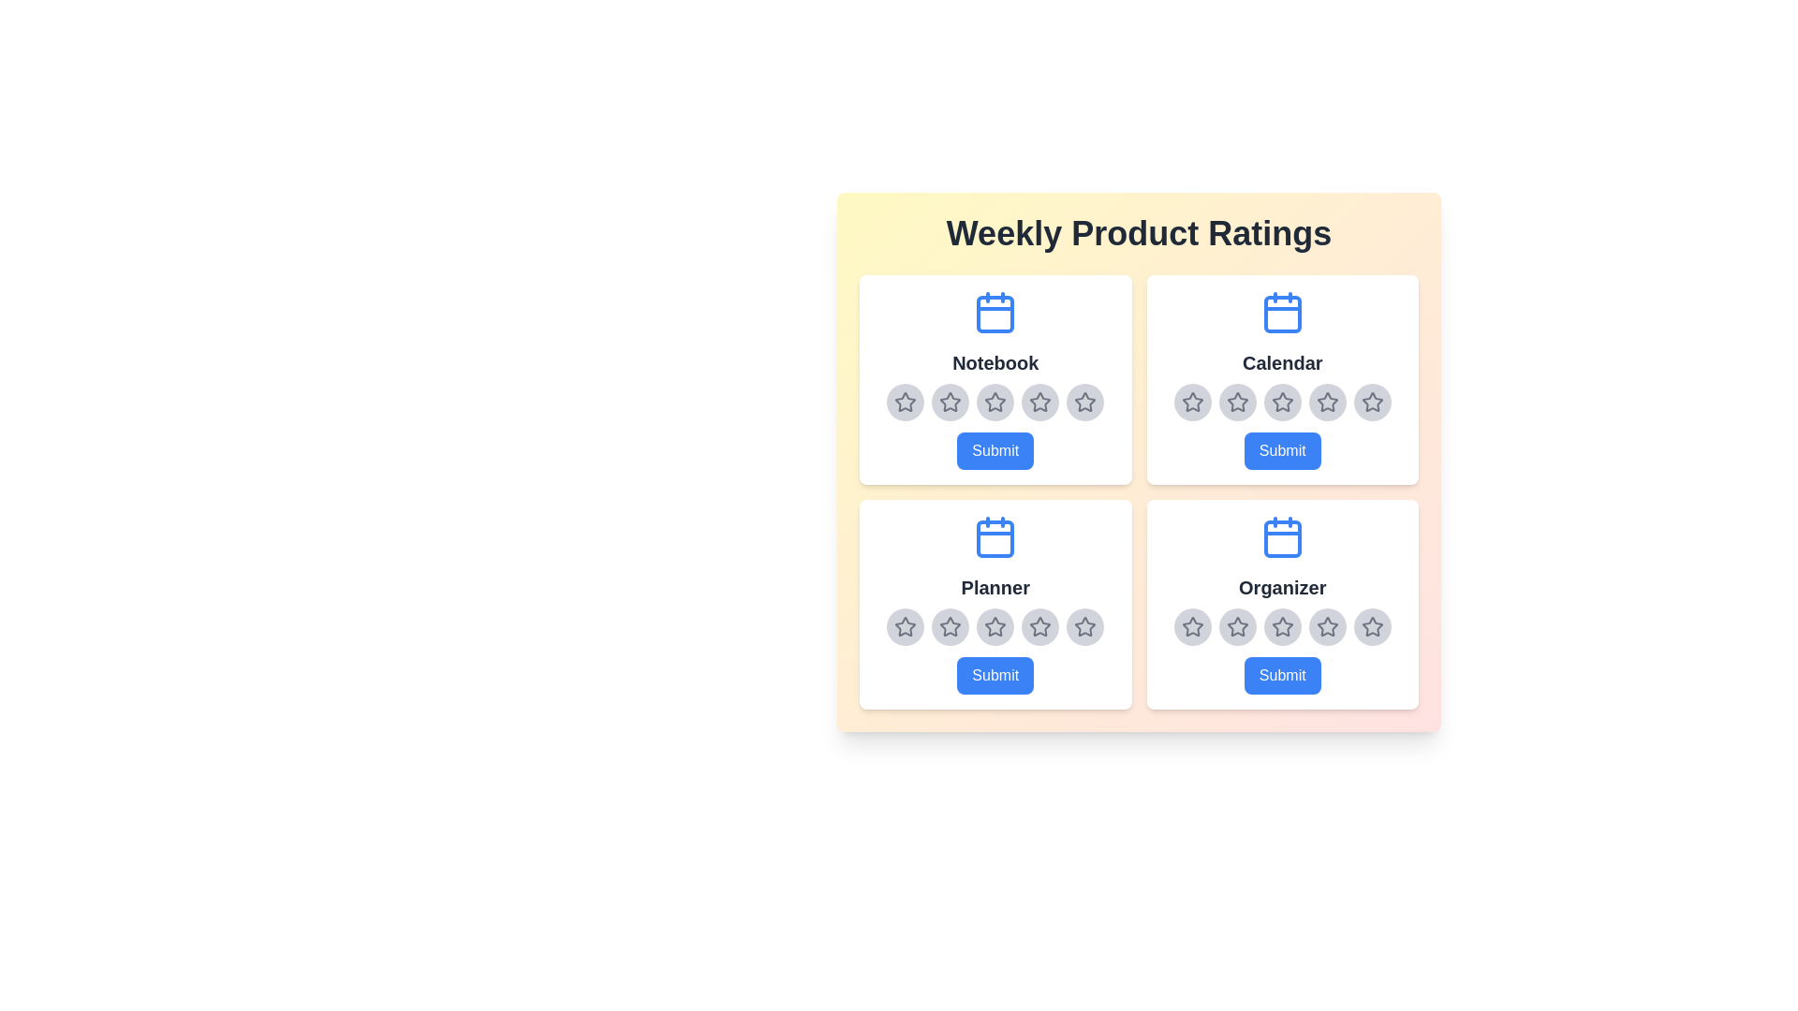 The width and height of the screenshot is (1798, 1011). Describe the element at coordinates (995, 451) in the screenshot. I see `submit button for the product Notebook` at that location.